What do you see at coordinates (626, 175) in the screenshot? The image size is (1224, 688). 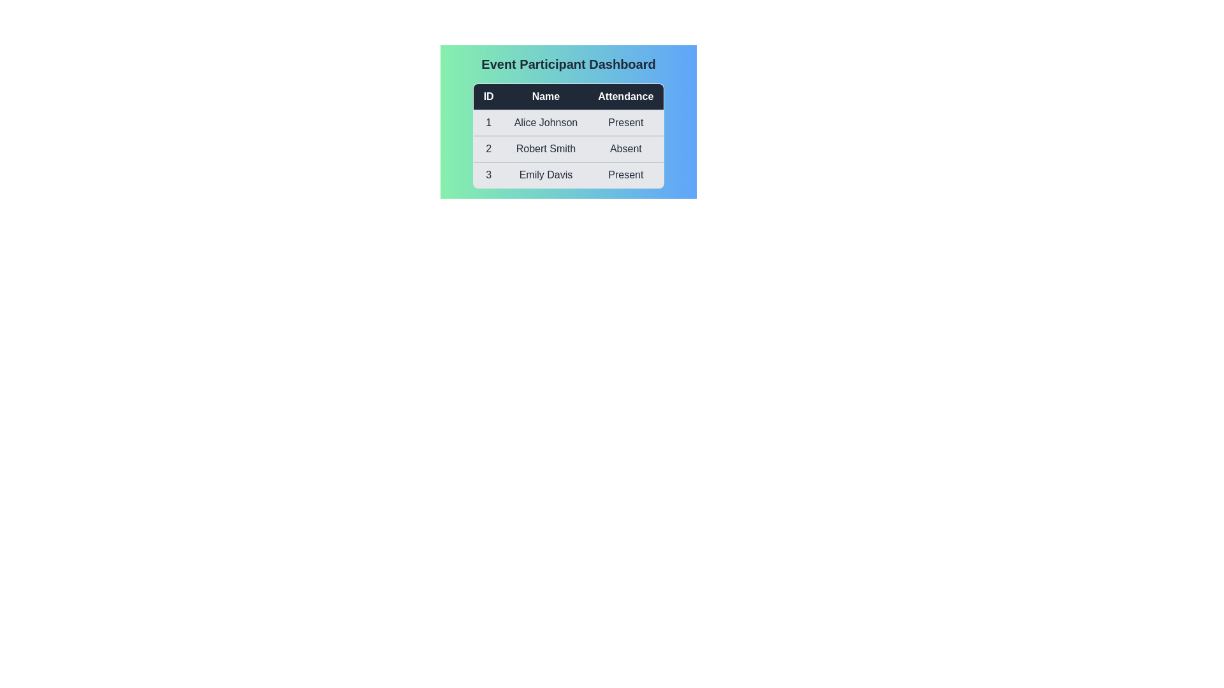 I see `the Static Text Label displaying 'Present' in the attendance column of the table, which is located next to the name 'Emily Davis' in the third row` at bounding box center [626, 175].